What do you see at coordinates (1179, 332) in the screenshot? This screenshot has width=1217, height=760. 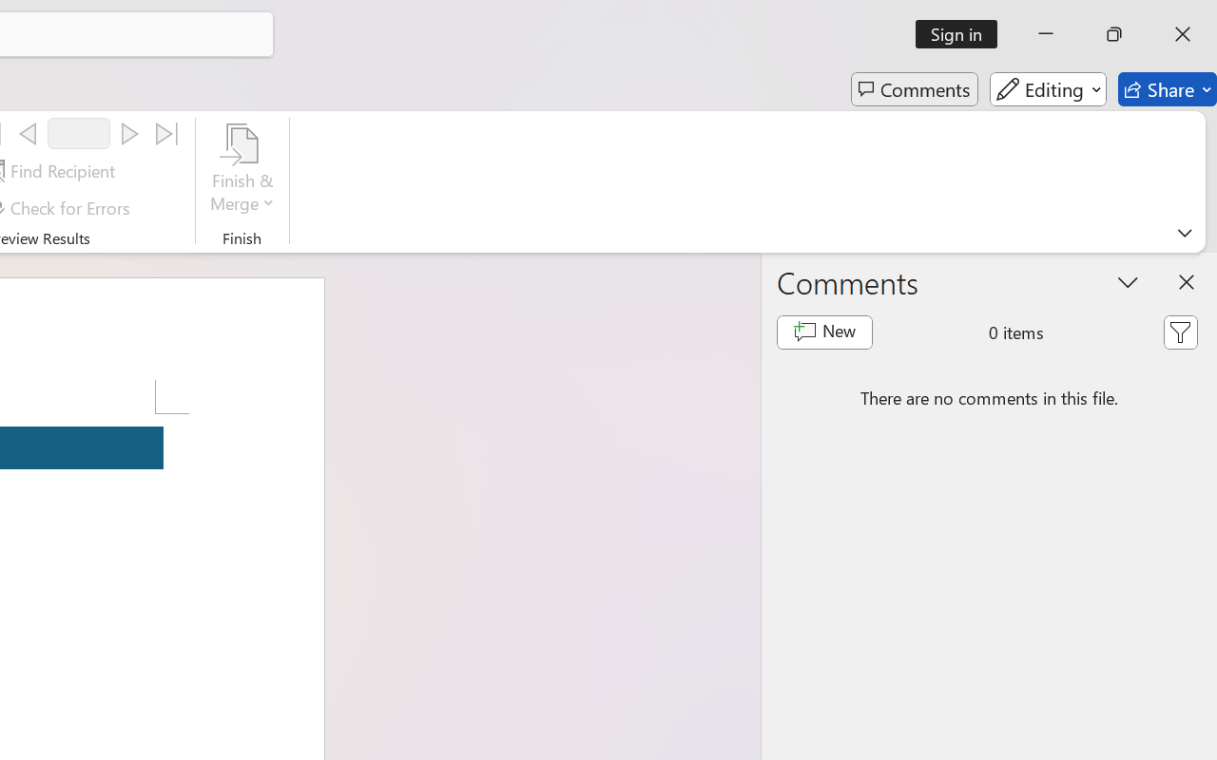 I see `'Filter'` at bounding box center [1179, 332].